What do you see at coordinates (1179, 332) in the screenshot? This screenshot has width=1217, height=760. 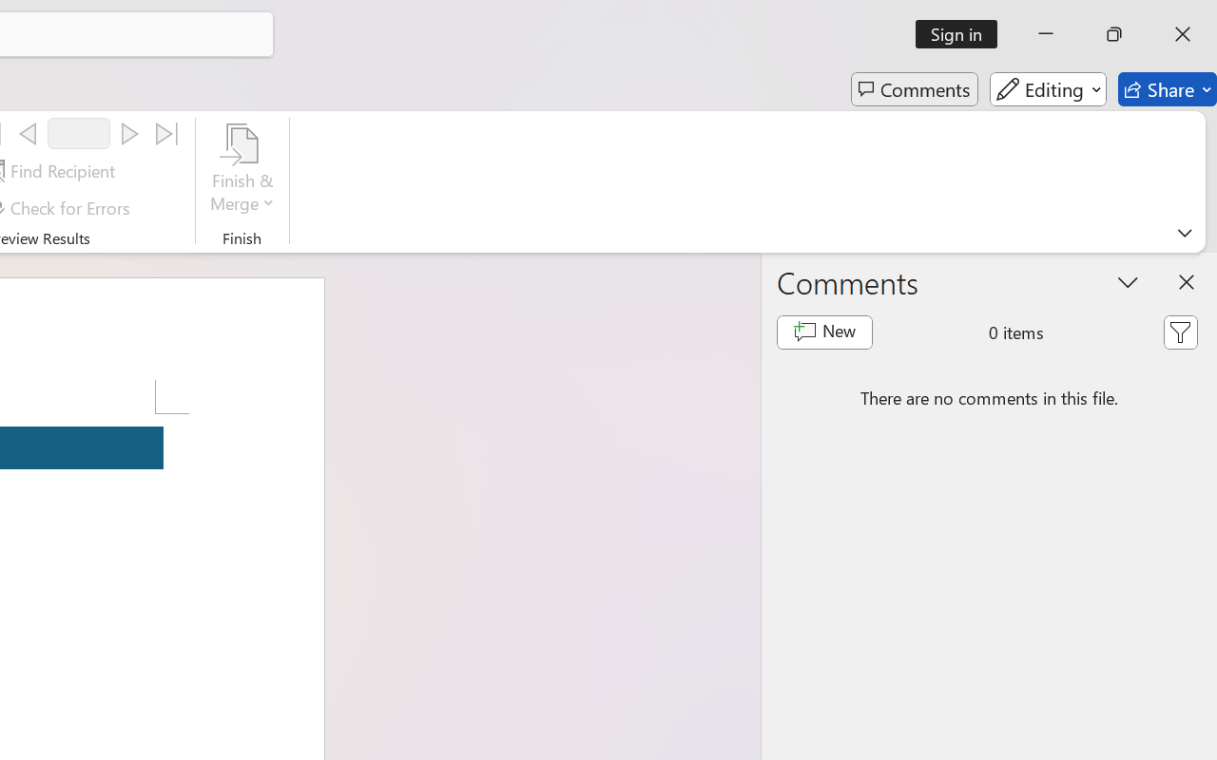 I see `'Filter'` at bounding box center [1179, 332].